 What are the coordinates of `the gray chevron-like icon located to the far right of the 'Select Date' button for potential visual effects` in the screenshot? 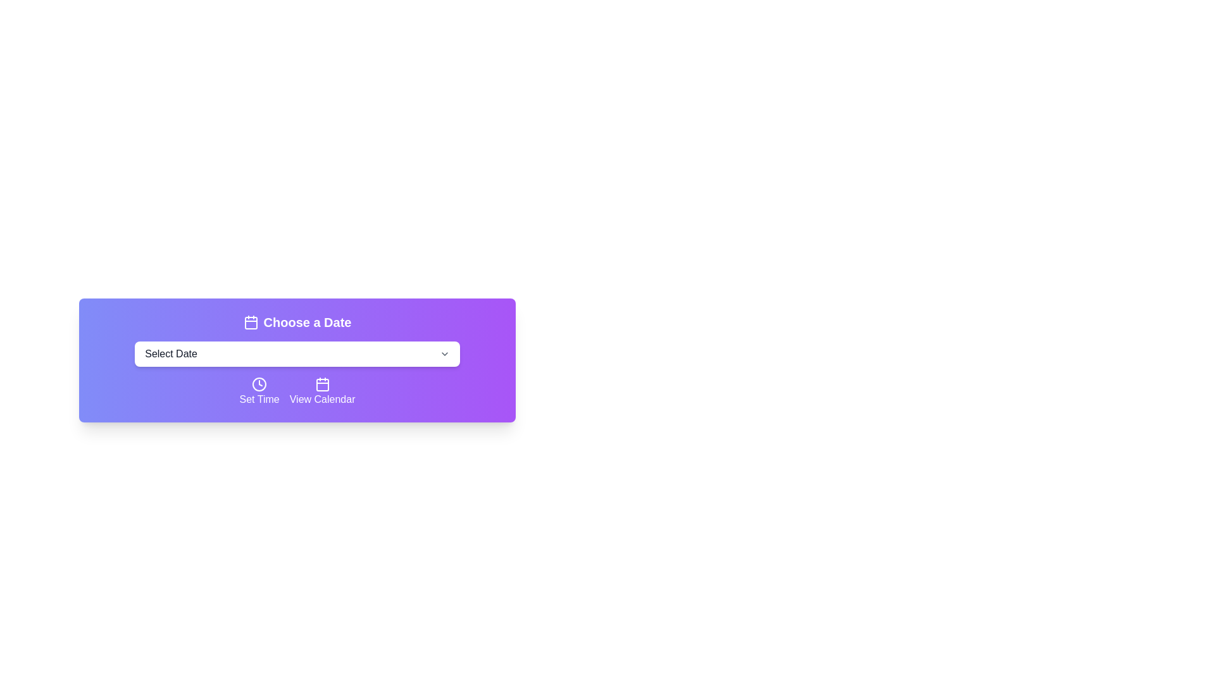 It's located at (444, 354).